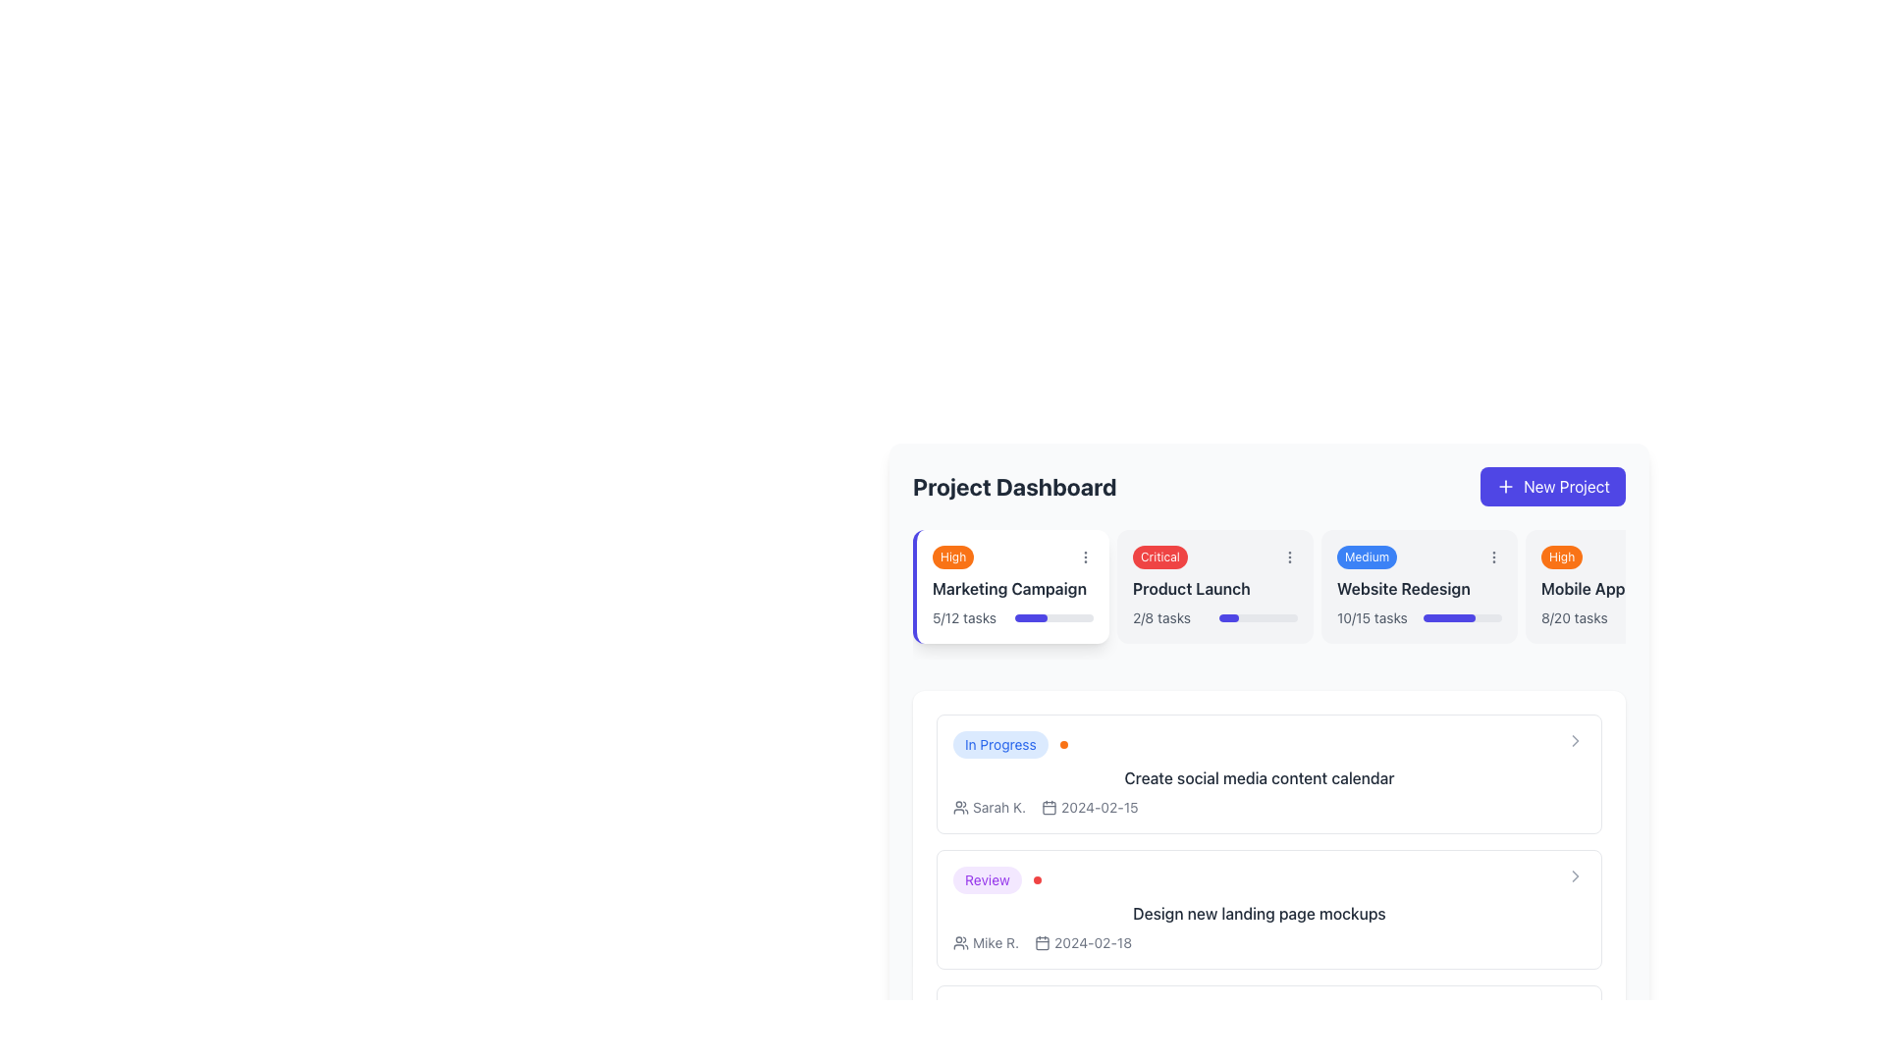 This screenshot has height=1060, width=1885. What do you see at coordinates (996, 941) in the screenshot?
I see `the user name text label located near the bottom section of a list item in the project dashboard under the 'Review' status, positioned to the right of the user icon` at bounding box center [996, 941].